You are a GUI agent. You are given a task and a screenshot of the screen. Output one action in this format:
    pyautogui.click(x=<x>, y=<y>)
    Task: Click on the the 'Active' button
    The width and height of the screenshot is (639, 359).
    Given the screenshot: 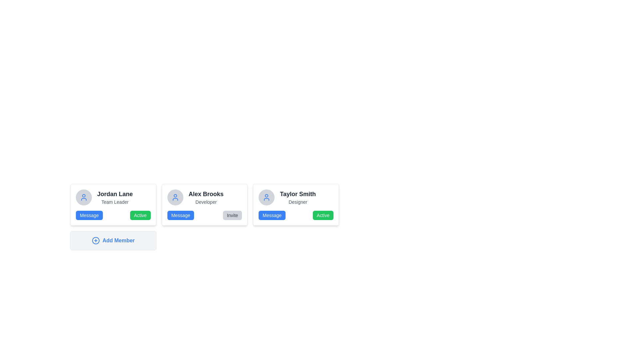 What is the action you would take?
    pyautogui.click(x=296, y=197)
    